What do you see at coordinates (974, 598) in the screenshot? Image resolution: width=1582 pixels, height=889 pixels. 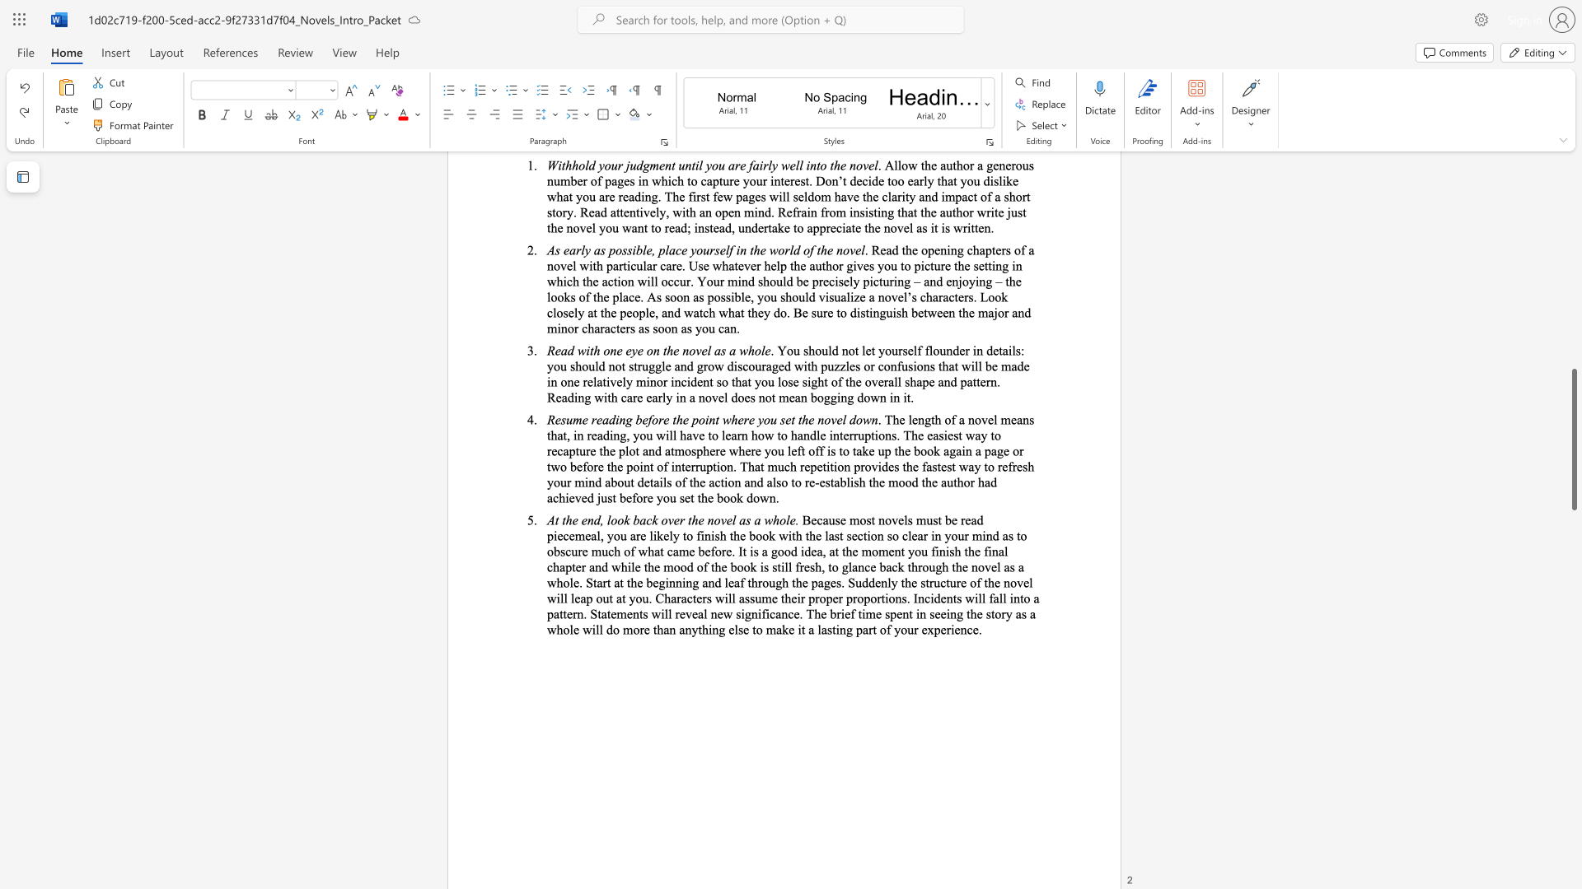 I see `the subset text "ill fall" within the text "Because most novels must be read piecemeal, you are likely to finish the book with the last section so clear in your mind as to obscure much of what came before. It is a good idea, at the moment you finish the final chapter and while the mood of the book is still fresh, to glance back through the novel as a whole. Start at the beginning and leaf through the pages. Suddenly the structure of the novel will leap out at you. Characters will assume their proper proportions. Incidents will fall into a pattern. S"` at bounding box center [974, 598].